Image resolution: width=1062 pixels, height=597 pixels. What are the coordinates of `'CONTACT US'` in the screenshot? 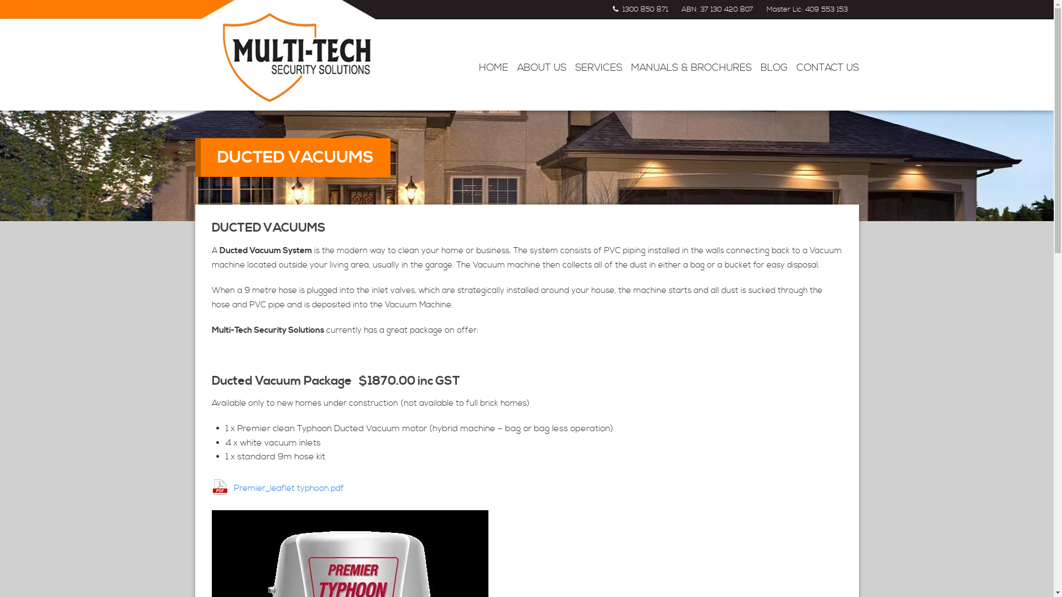 It's located at (827, 67).